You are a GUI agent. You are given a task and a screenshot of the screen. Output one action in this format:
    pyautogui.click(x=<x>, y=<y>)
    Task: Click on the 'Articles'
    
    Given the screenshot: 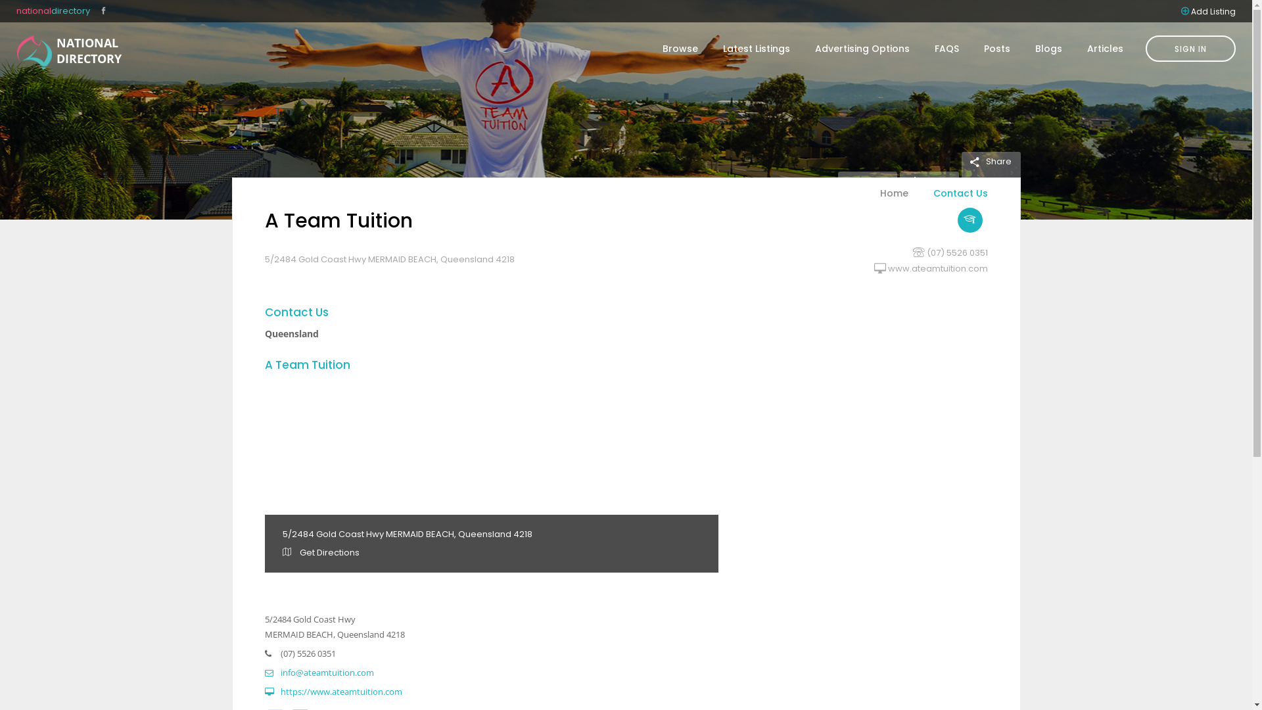 What is the action you would take?
    pyautogui.click(x=1098, y=47)
    